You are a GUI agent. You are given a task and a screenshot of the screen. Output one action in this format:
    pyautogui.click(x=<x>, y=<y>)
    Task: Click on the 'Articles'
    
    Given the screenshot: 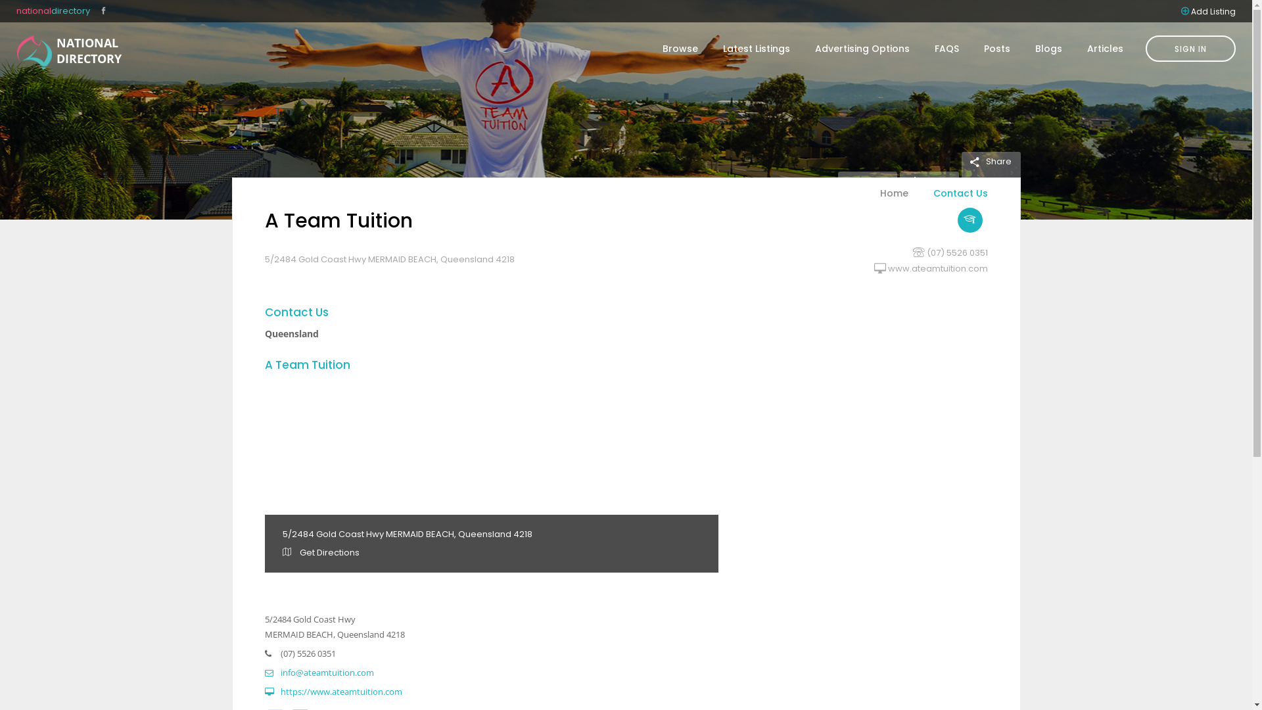 What is the action you would take?
    pyautogui.click(x=1098, y=47)
    